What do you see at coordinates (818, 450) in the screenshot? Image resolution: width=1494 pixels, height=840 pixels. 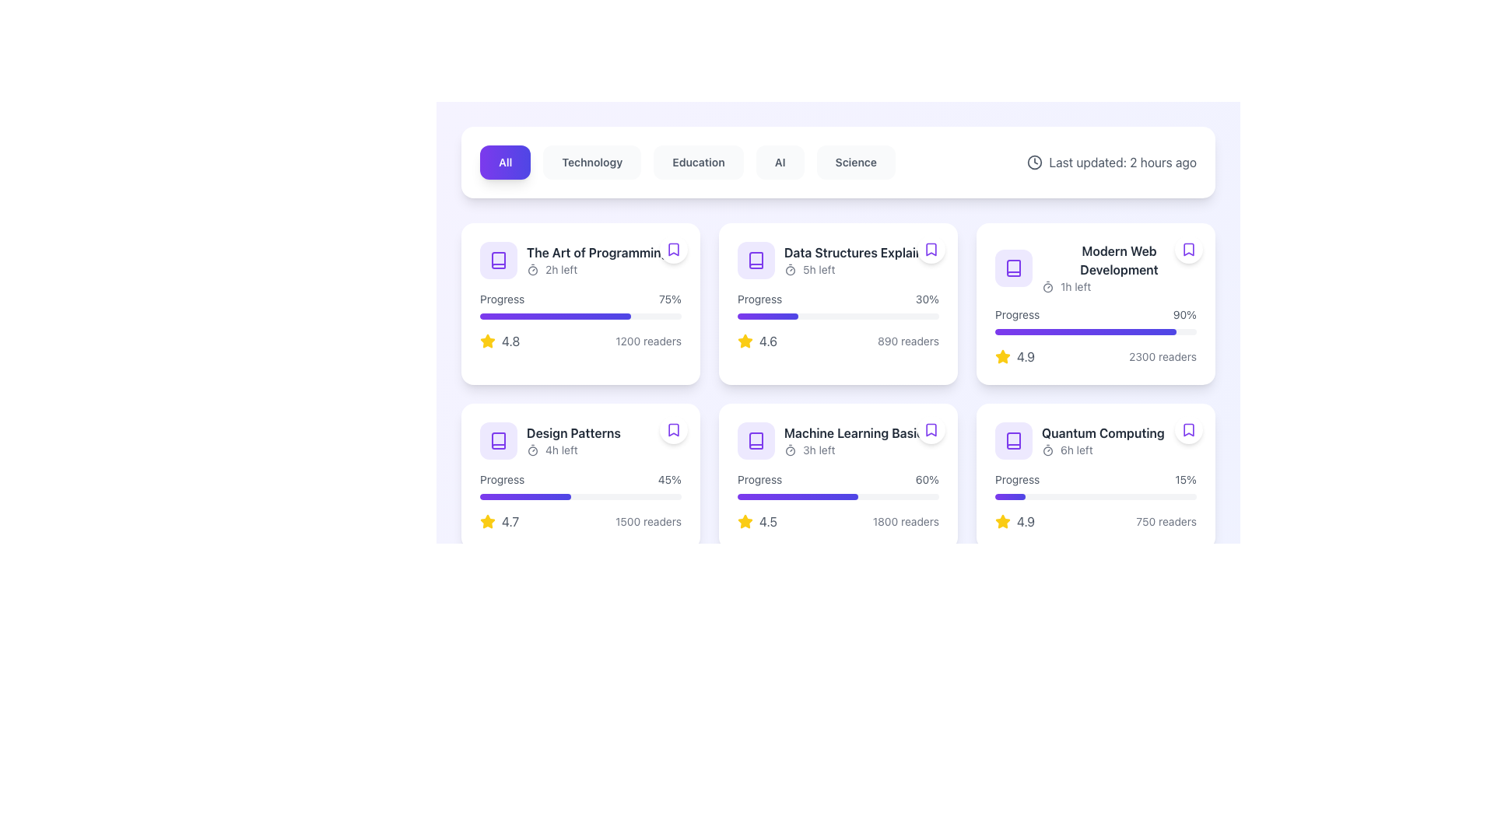 I see `the static text that indicates the countdown or duration under the title 'Machine Learning Basics' in the third card of the second row` at bounding box center [818, 450].